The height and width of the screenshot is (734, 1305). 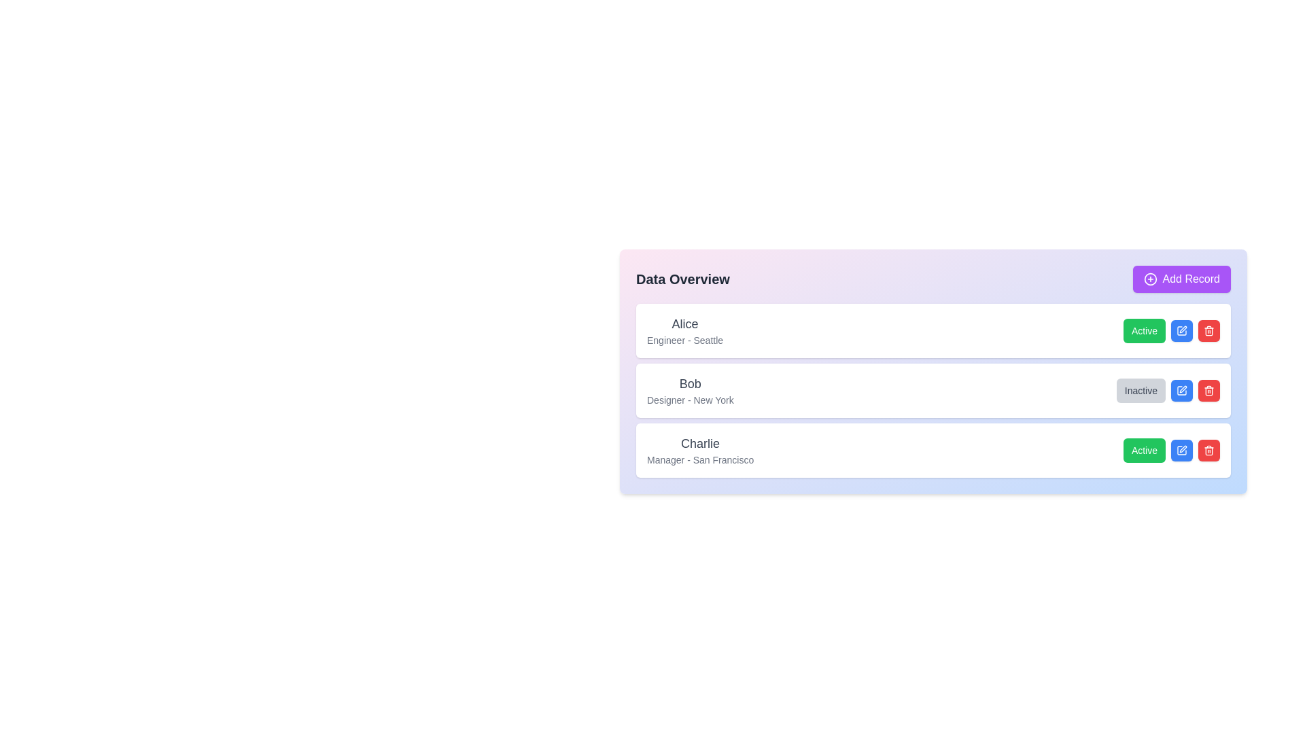 What do you see at coordinates (690, 390) in the screenshot?
I see `text label displaying user Bob's name and professional details, located in the second card of a vertically stacked list of cards, positioned at the upper-left section of the card` at bounding box center [690, 390].